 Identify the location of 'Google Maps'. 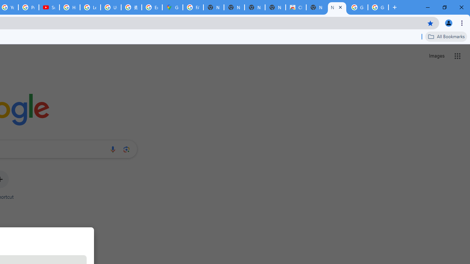
(172, 7).